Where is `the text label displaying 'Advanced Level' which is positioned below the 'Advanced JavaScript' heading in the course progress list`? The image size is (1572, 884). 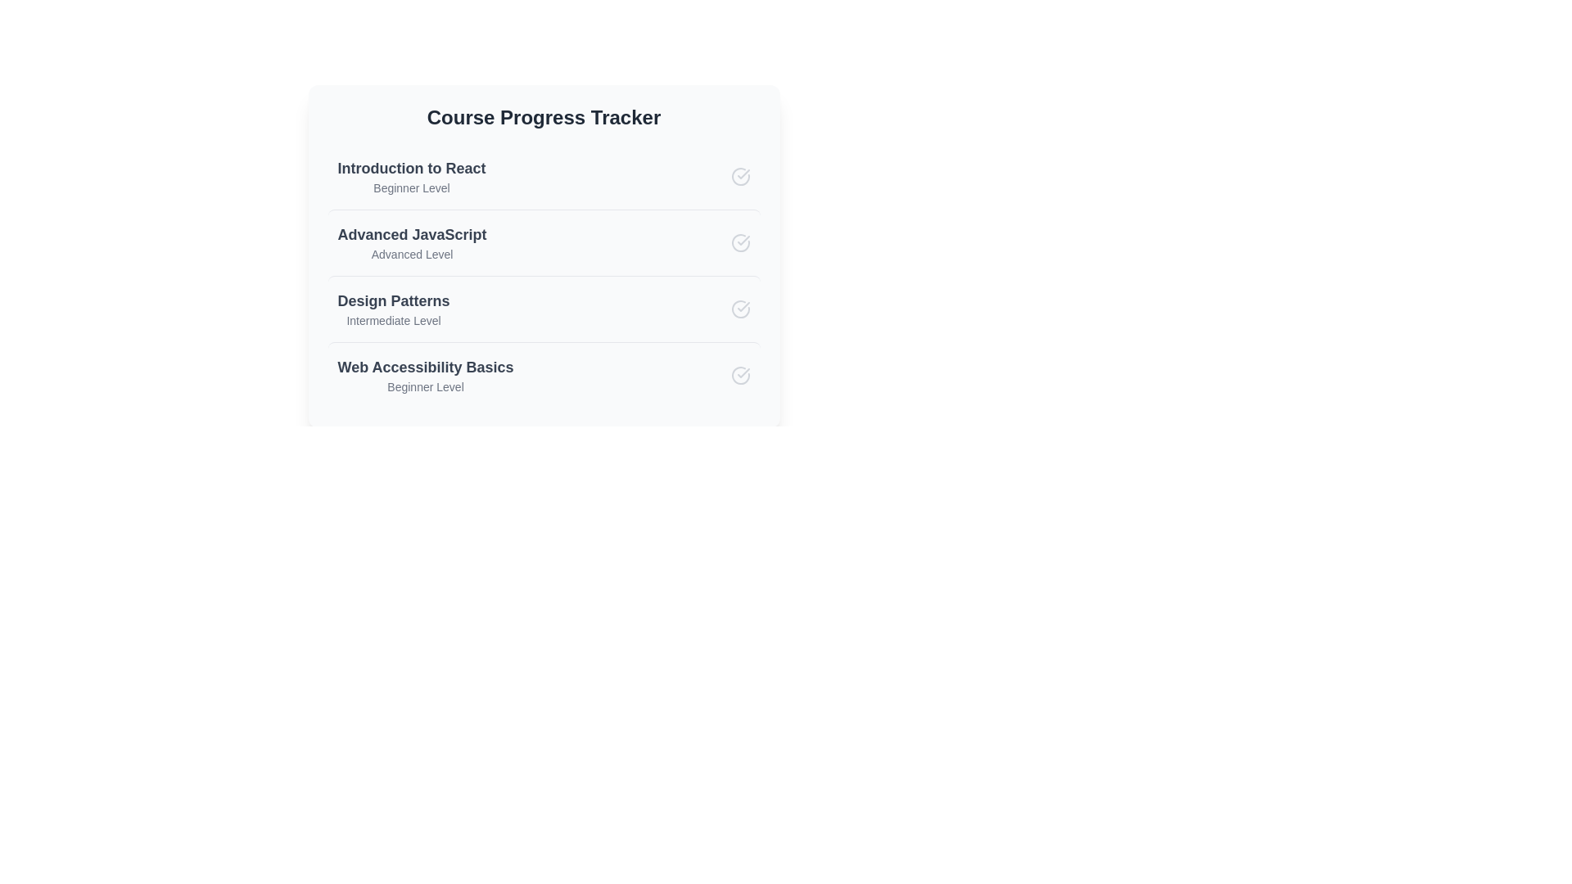 the text label displaying 'Advanced Level' which is positioned below the 'Advanced JavaScript' heading in the course progress list is located at coordinates (412, 255).